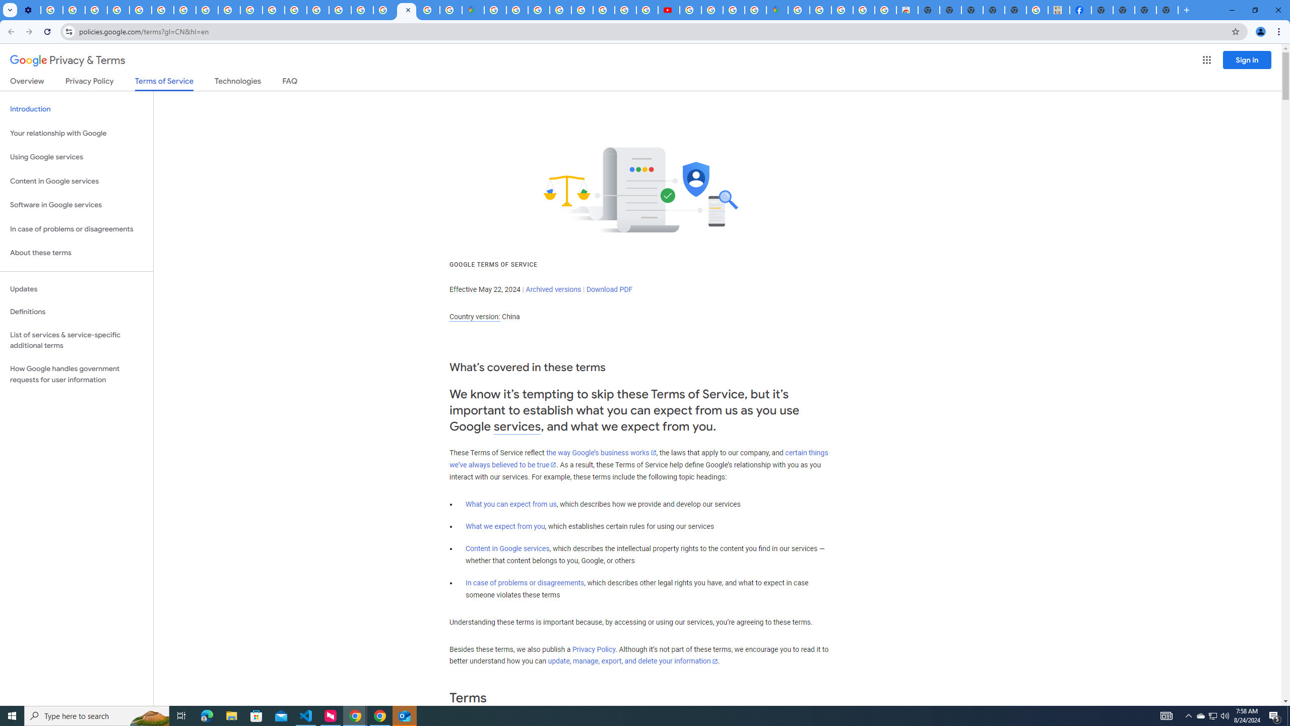 Image resolution: width=1290 pixels, height=726 pixels. What do you see at coordinates (517, 427) in the screenshot?
I see `'services'` at bounding box center [517, 427].